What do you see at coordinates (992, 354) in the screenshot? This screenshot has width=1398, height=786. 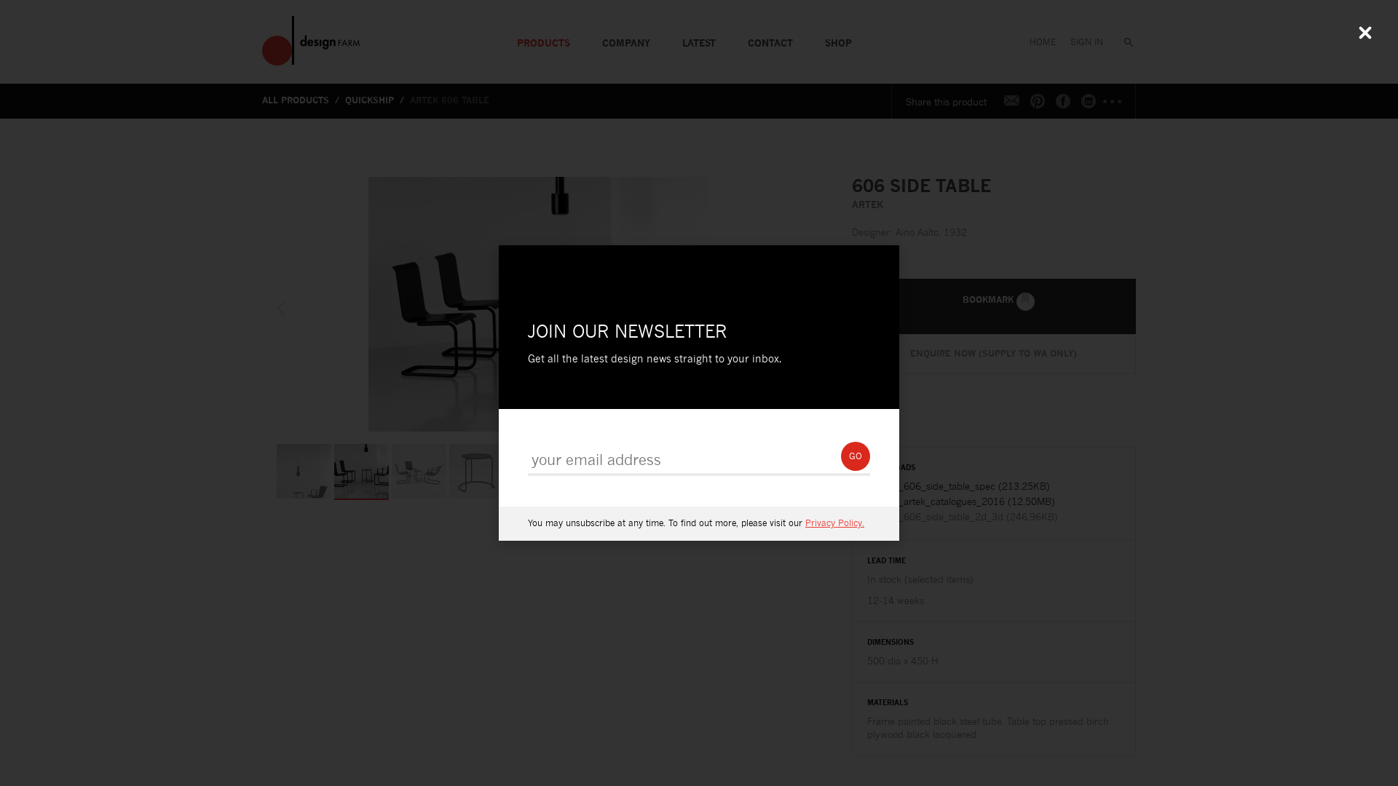 I see `'ENQUIRE NOW (SUPPLY TO WA ONLY)'` at bounding box center [992, 354].